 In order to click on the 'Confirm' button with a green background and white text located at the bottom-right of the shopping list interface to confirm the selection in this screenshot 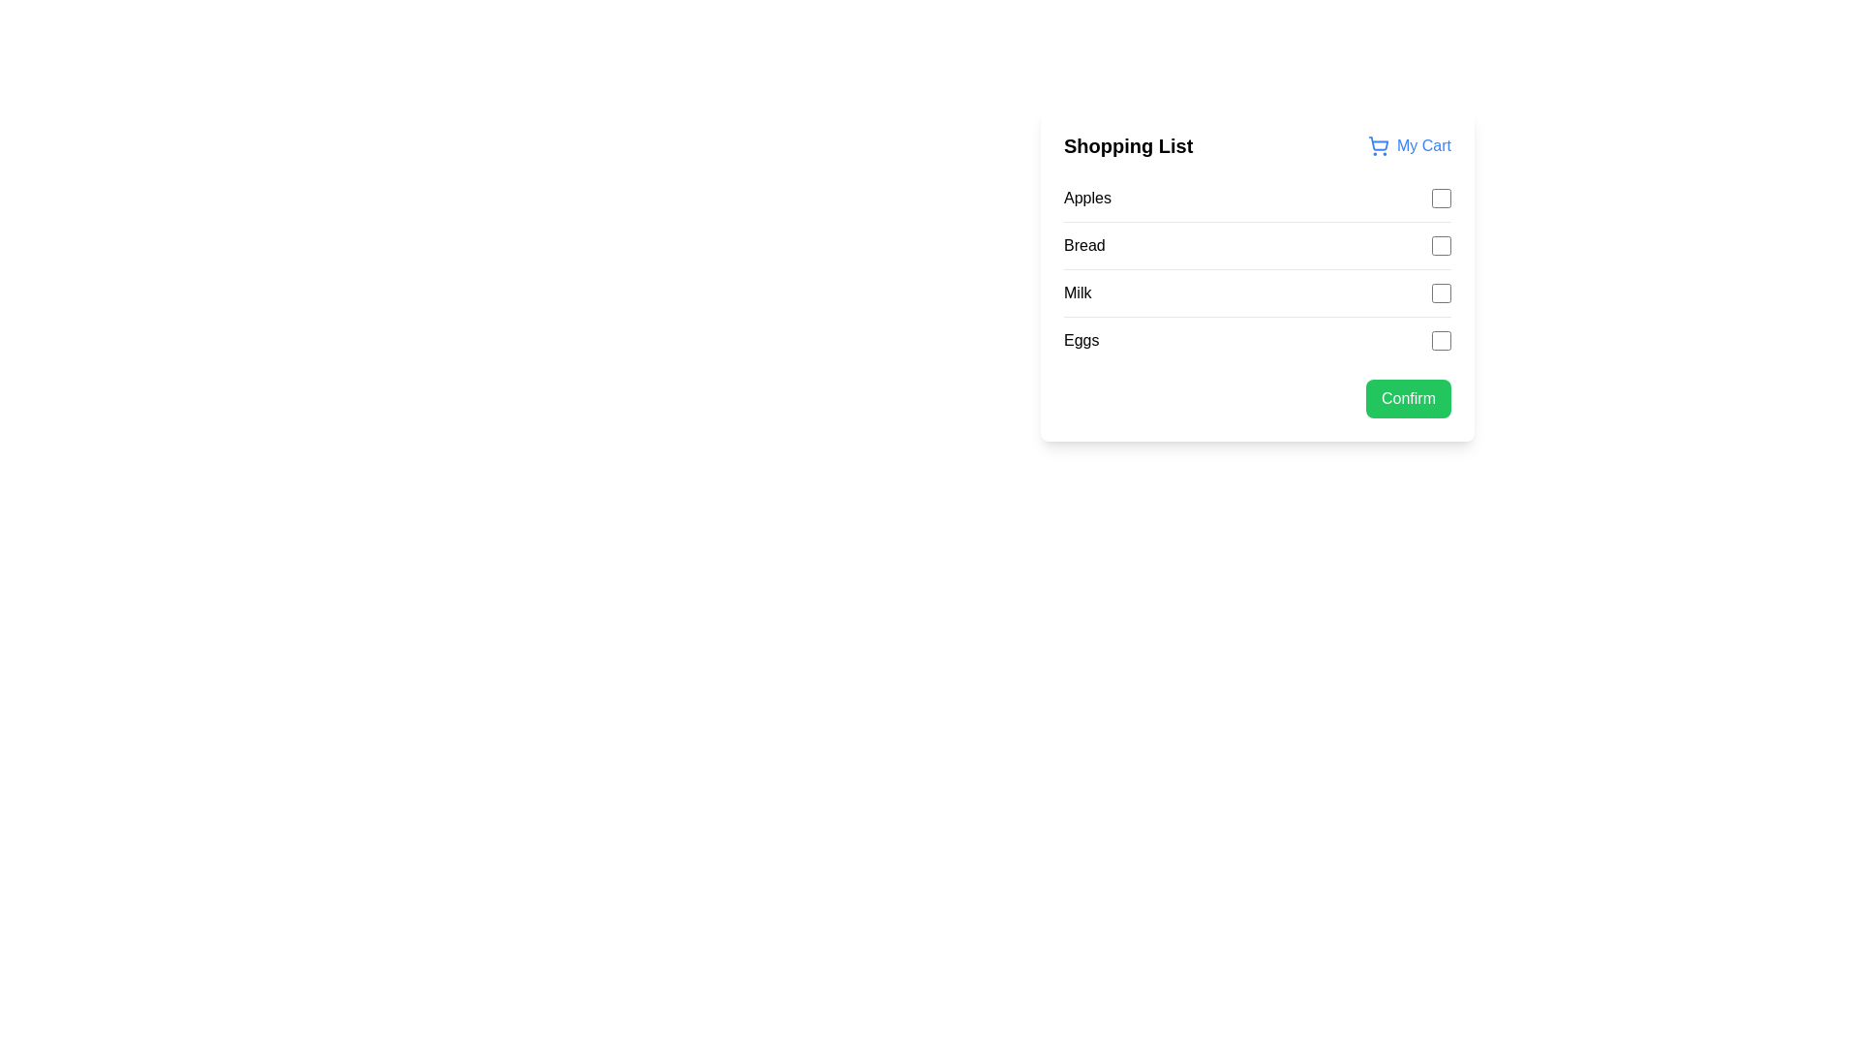, I will do `click(1408, 398)`.